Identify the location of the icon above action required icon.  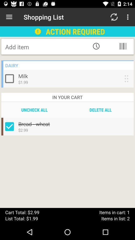
(114, 17).